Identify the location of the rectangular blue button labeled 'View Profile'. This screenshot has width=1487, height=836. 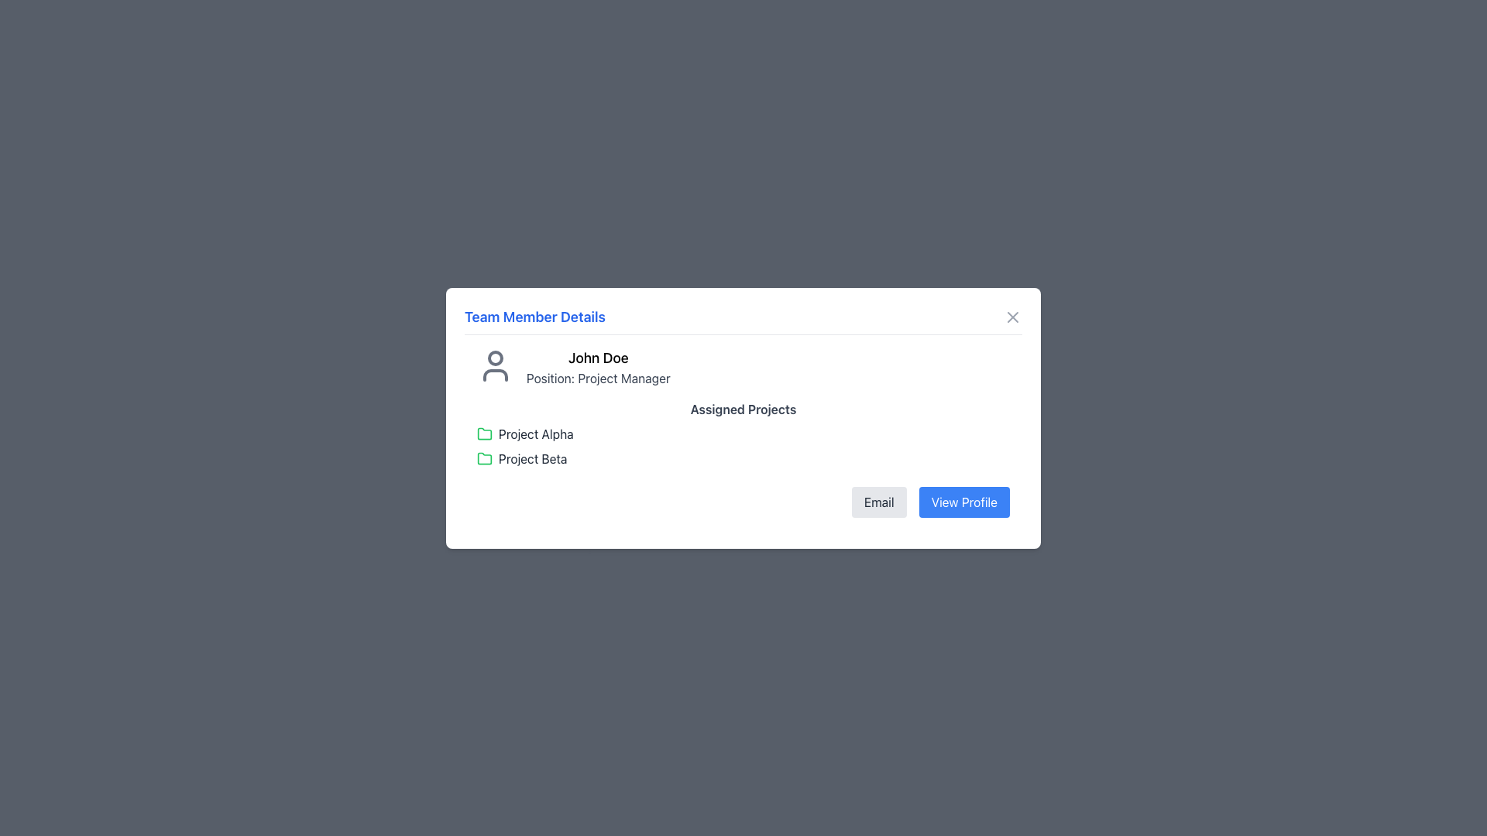
(963, 502).